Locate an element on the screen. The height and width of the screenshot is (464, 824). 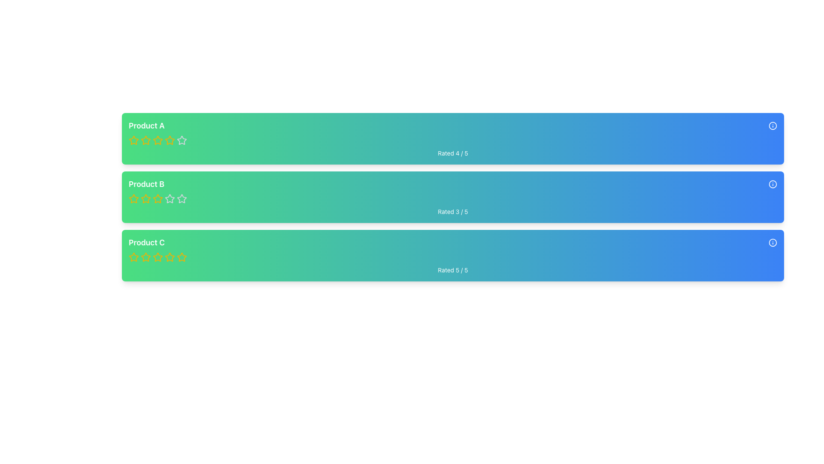
the first star-shaped icon with a yellow border in the rating system for Product C, located in the bottom product panel is located at coordinates (146, 256).